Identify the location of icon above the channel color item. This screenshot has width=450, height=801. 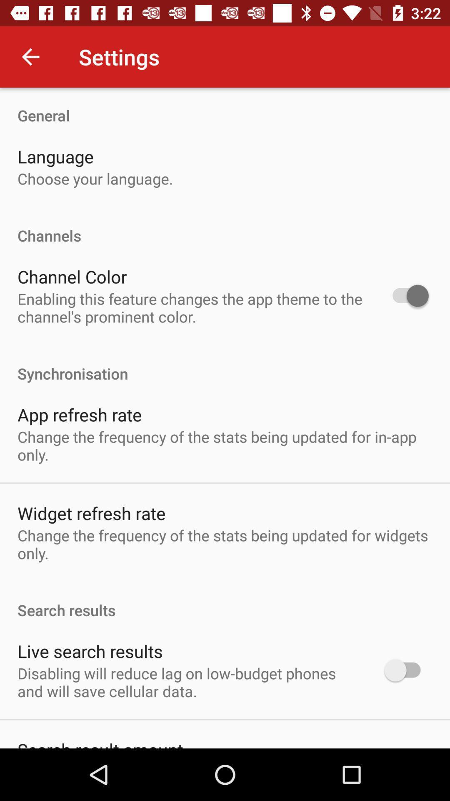
(225, 227).